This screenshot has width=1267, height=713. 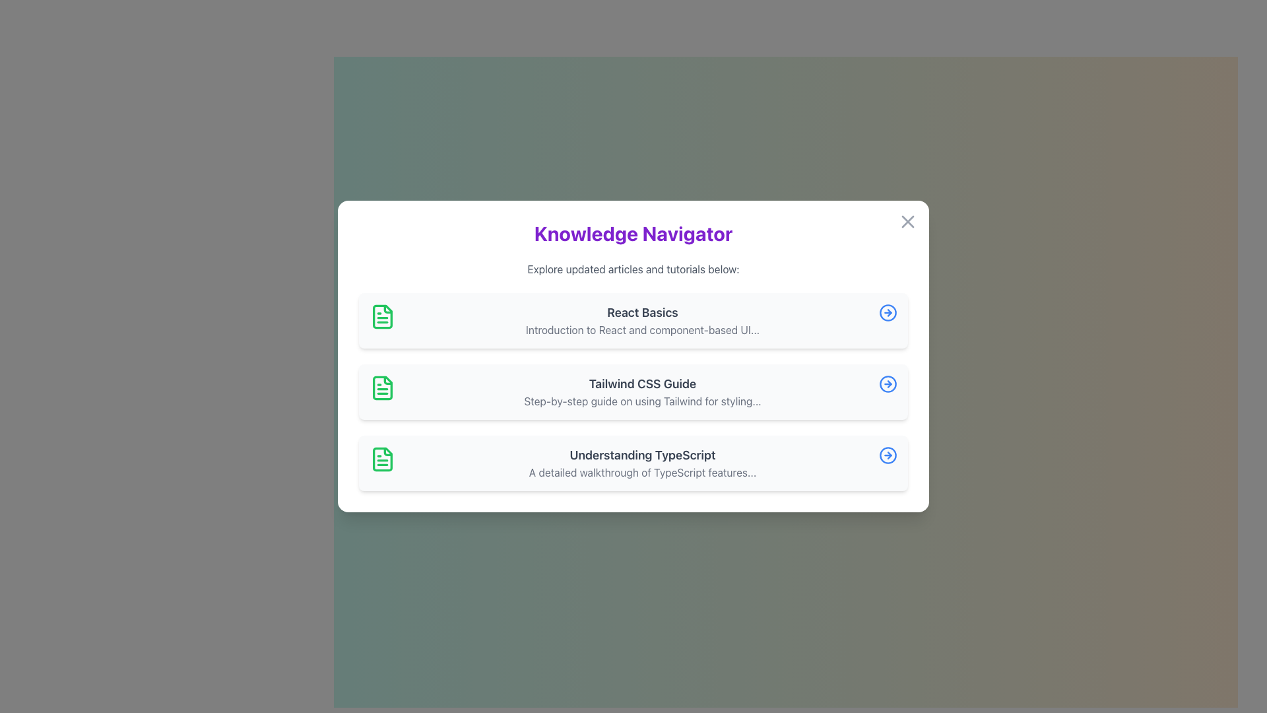 What do you see at coordinates (785, 407) in the screenshot?
I see `the button that toggles the visibility of the navigator or menu to change its color` at bounding box center [785, 407].